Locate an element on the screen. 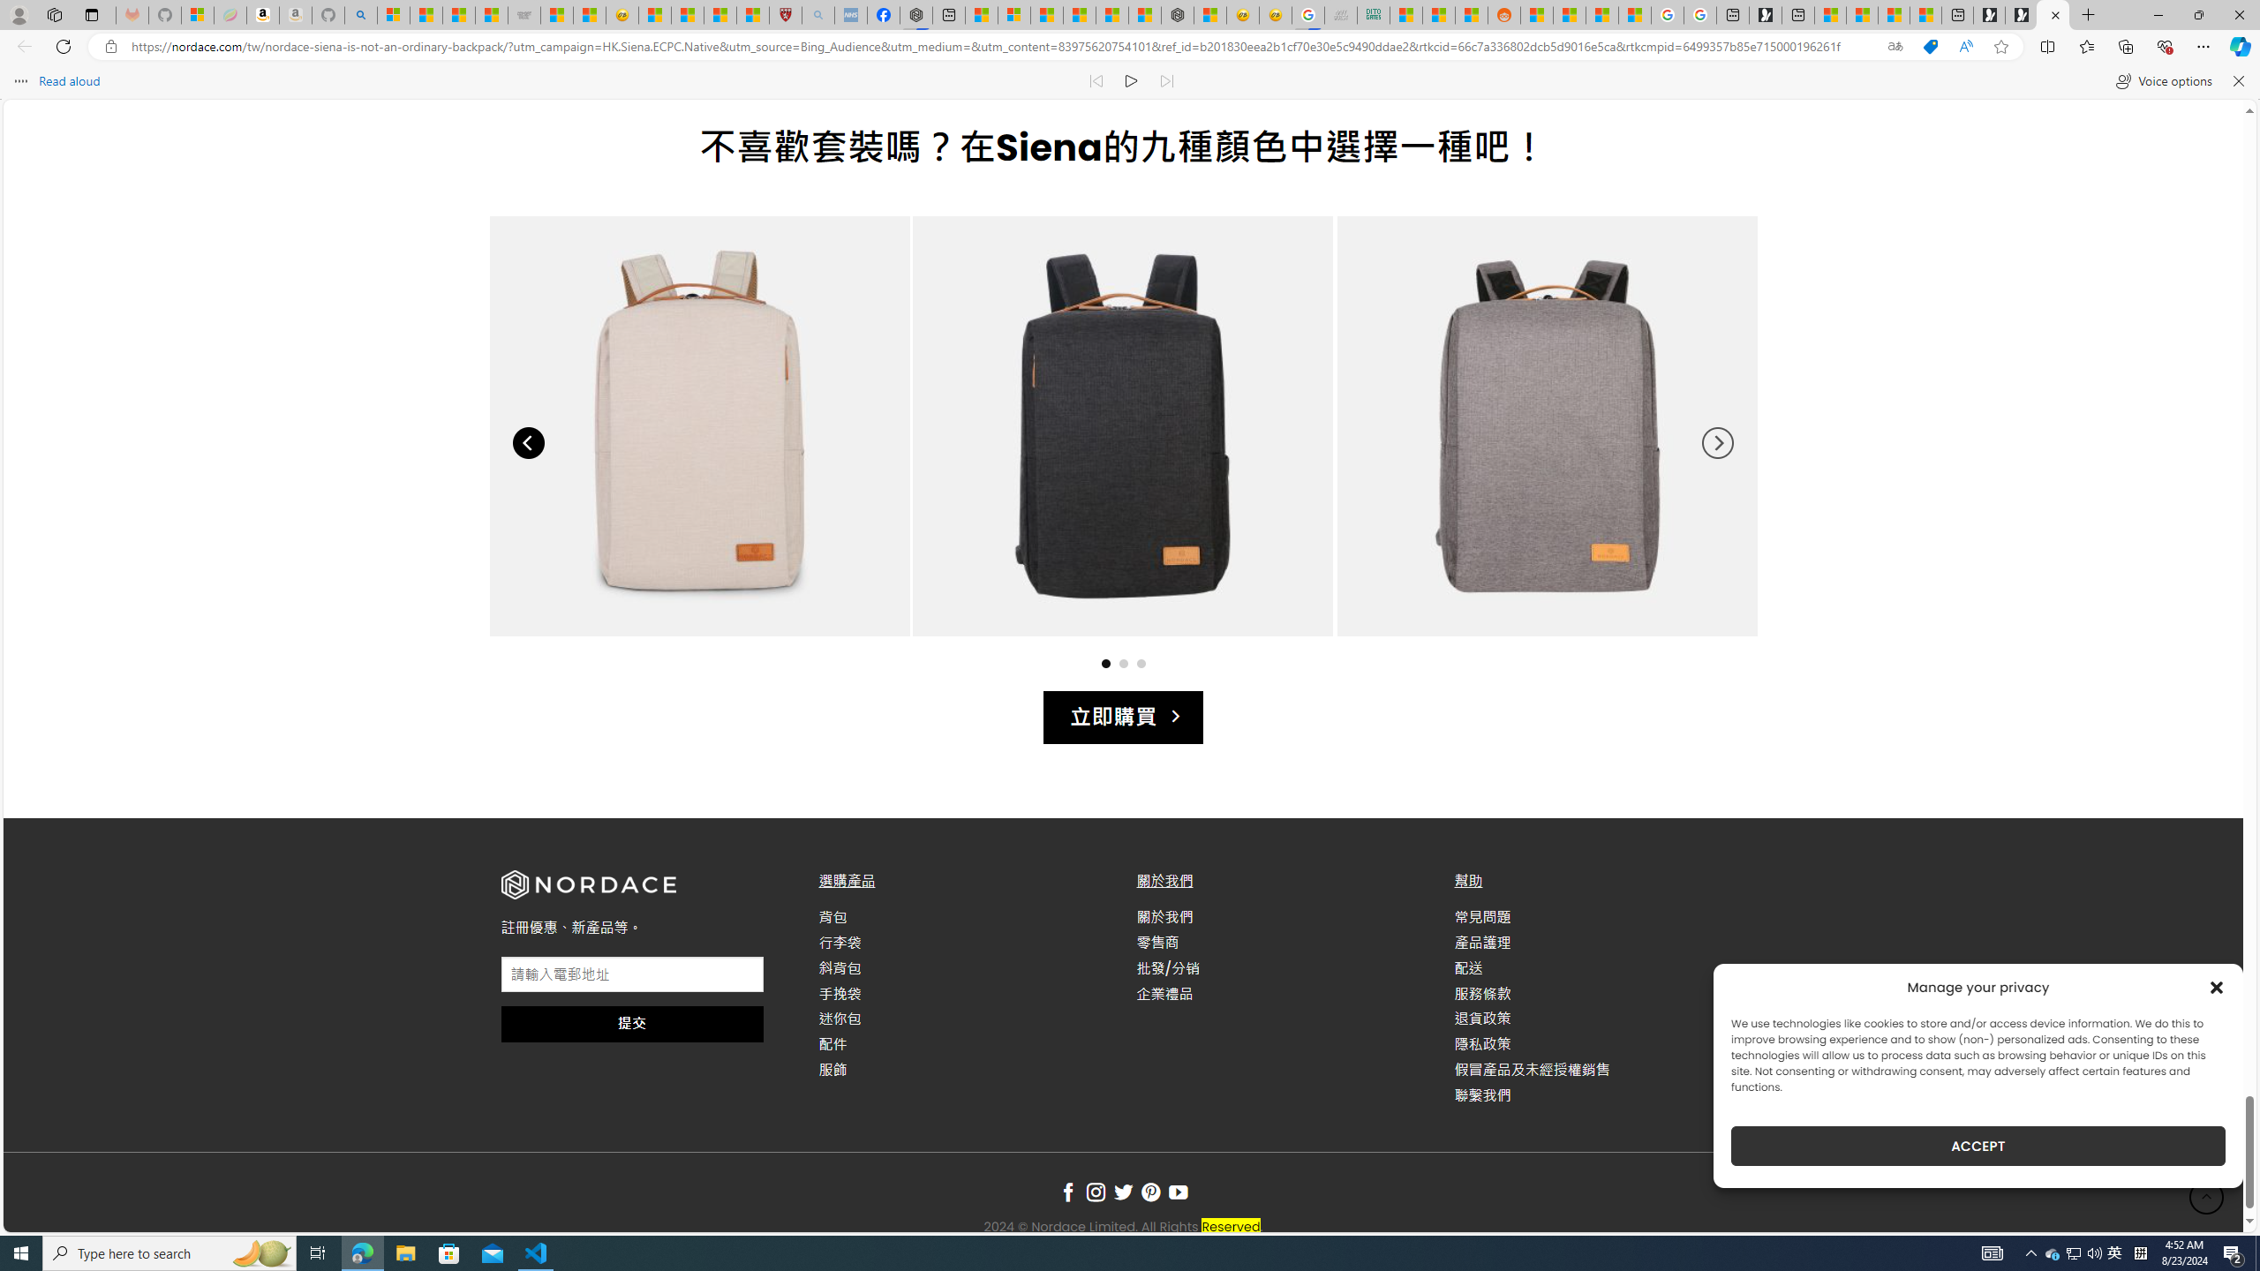 This screenshot has height=1271, width=2260. 'Read previous paragraph' is located at coordinates (1095, 80).